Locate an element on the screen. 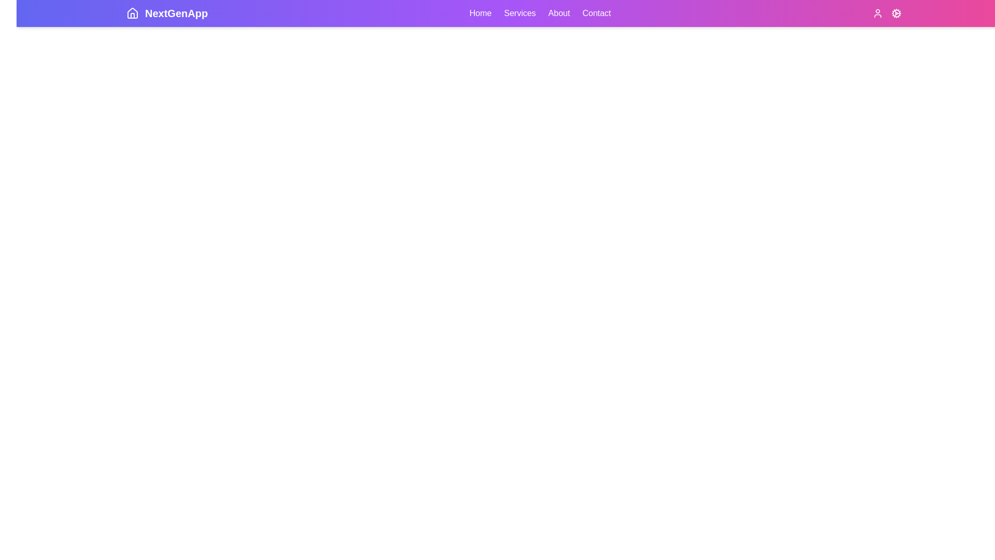 The image size is (995, 560). the Home navigation link is located at coordinates (480, 13).